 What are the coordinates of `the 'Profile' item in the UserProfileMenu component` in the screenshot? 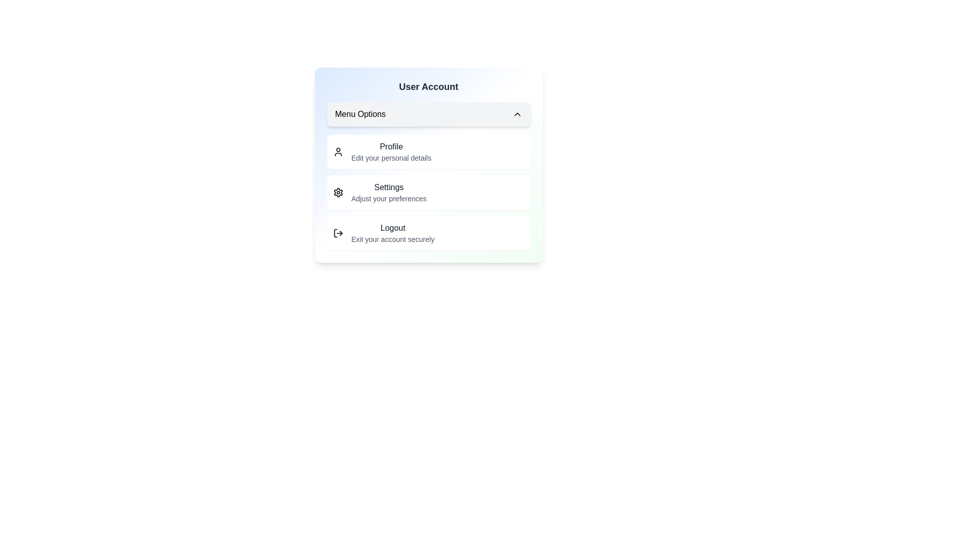 It's located at (391, 147).